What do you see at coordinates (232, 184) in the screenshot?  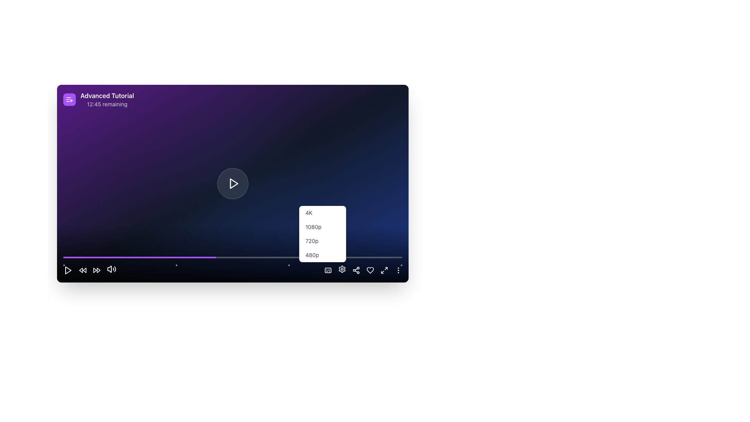 I see `the circular button with a triangular play icon at the center to change its background effect` at bounding box center [232, 184].